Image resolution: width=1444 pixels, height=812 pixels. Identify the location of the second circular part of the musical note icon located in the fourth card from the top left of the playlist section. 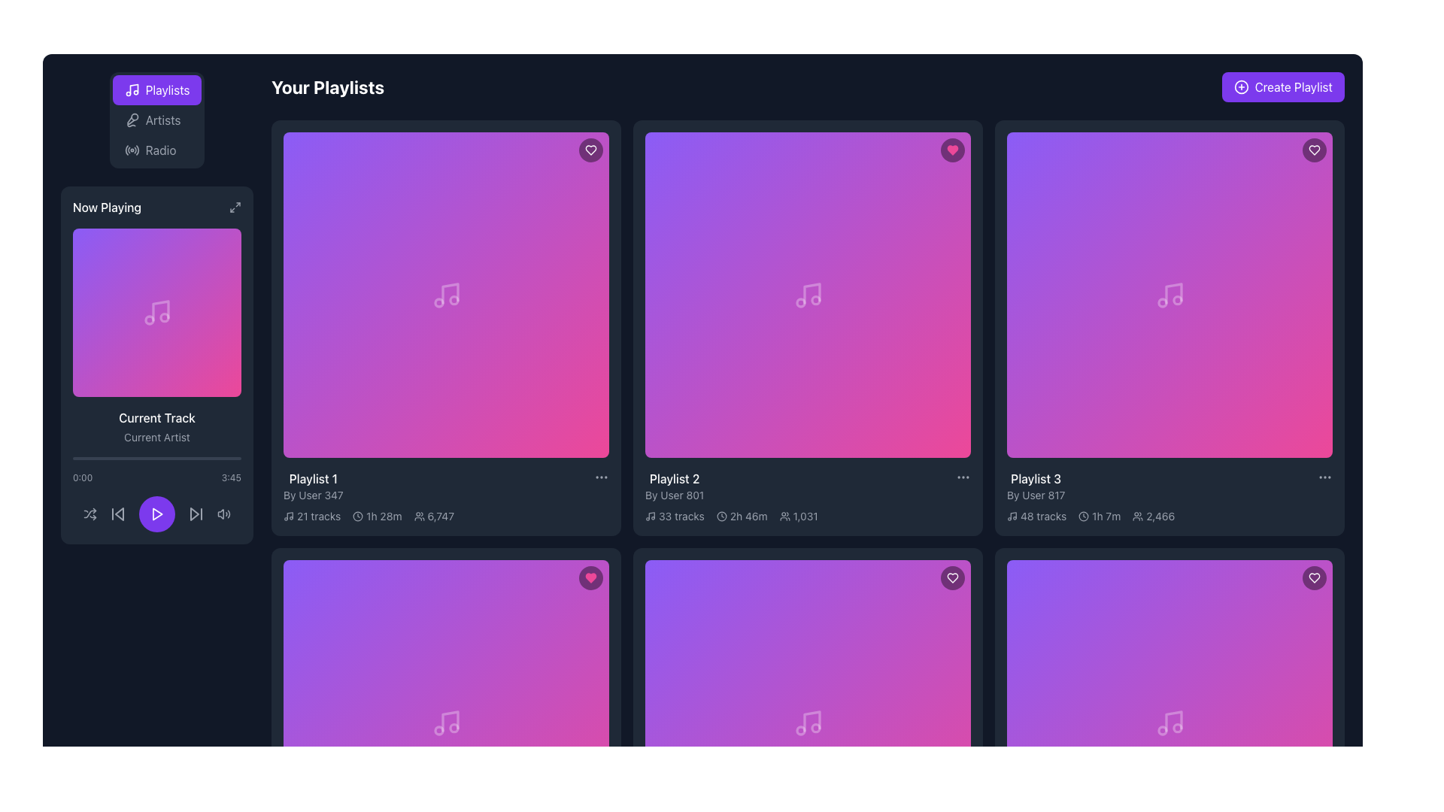
(1176, 300).